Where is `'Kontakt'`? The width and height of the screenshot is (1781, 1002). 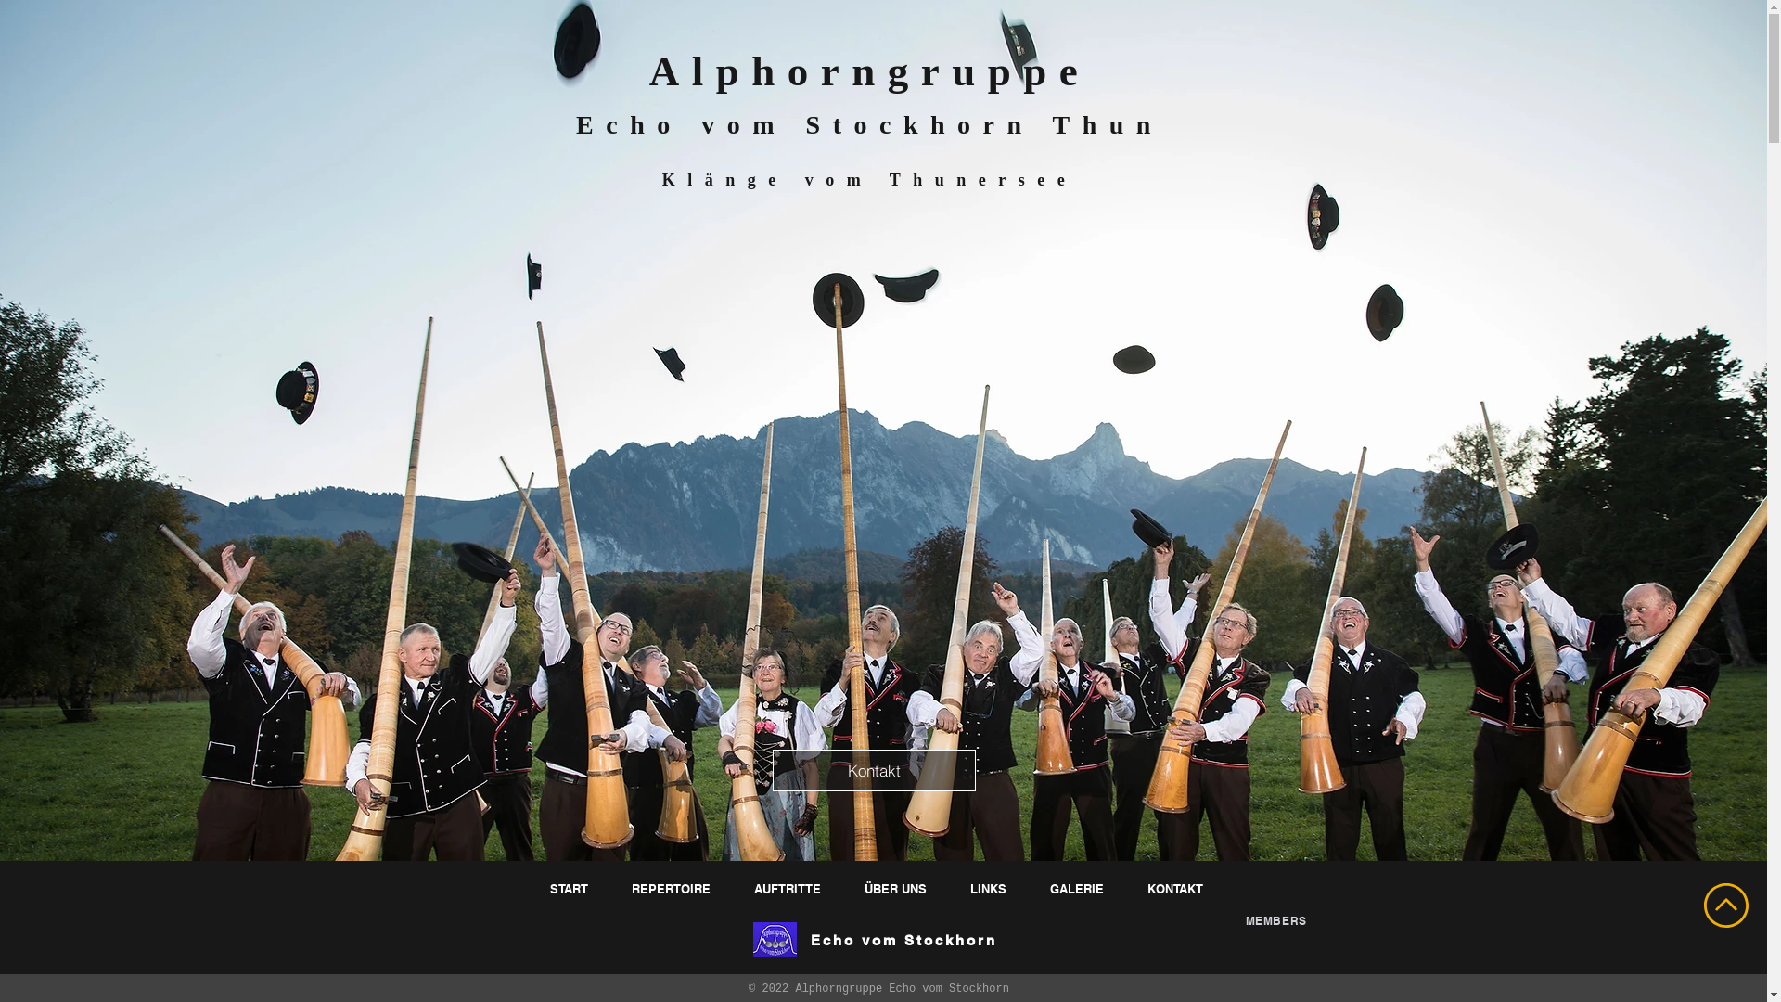
'Kontakt' is located at coordinates (872, 770).